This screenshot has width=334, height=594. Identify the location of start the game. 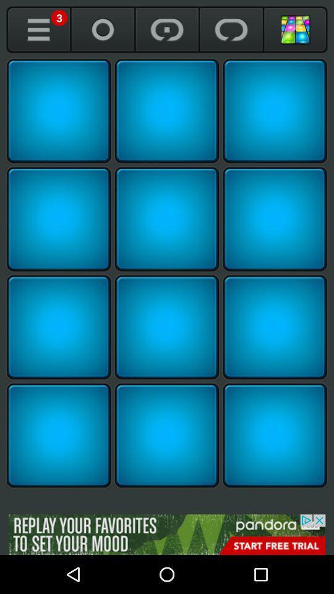
(58, 327).